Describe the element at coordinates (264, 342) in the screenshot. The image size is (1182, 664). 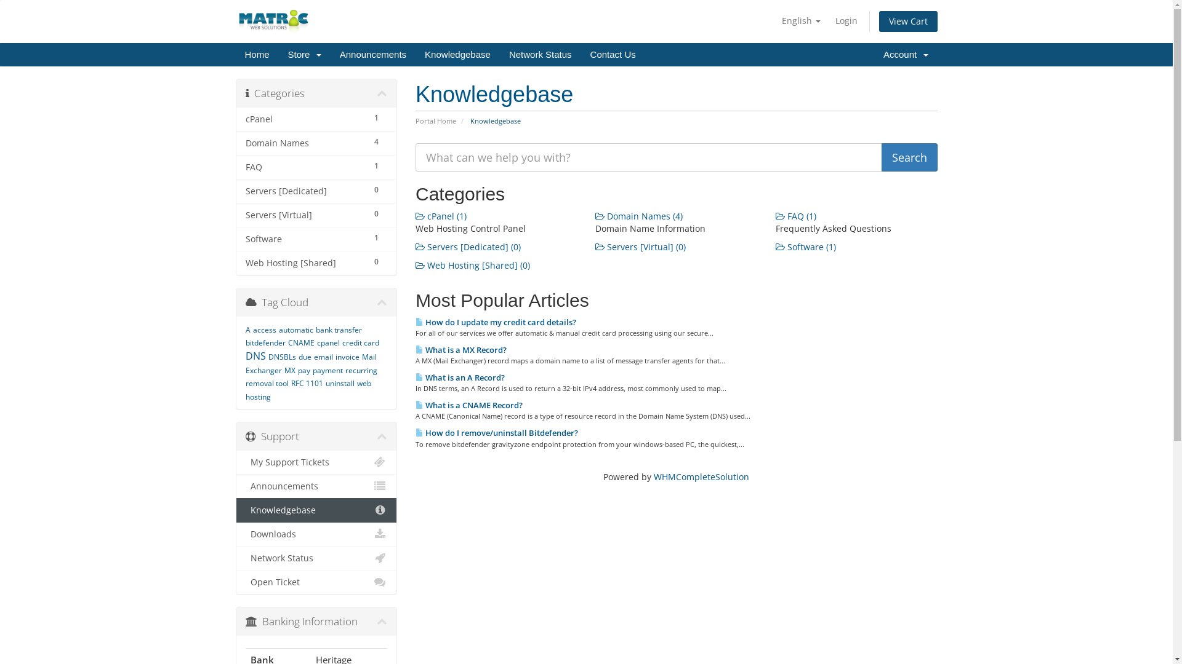
I see `'bitdefender'` at that location.